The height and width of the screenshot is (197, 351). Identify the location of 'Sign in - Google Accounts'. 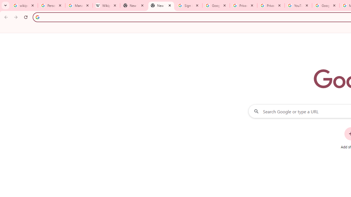
(189, 5).